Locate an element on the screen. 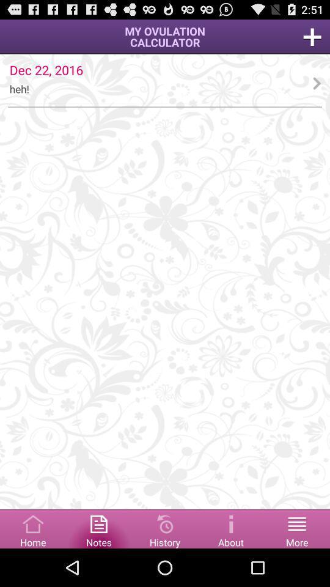  increment button is located at coordinates (312, 36).